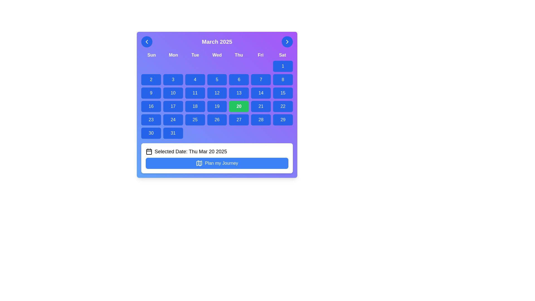 Image resolution: width=535 pixels, height=301 pixels. Describe the element at coordinates (195, 119) in the screenshot. I see `the button for selecting the date '25' in the calendar grid` at that location.